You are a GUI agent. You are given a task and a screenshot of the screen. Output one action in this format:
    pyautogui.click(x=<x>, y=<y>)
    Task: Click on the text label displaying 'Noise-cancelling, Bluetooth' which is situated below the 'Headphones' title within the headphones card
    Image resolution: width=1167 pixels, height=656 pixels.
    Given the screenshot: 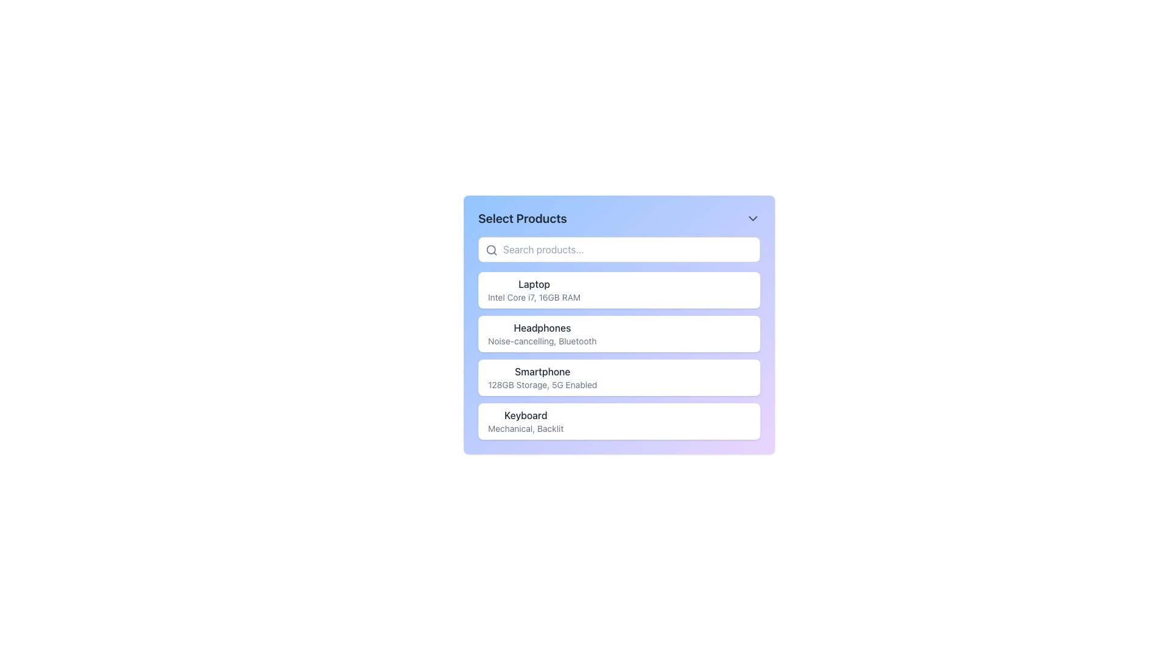 What is the action you would take?
    pyautogui.click(x=542, y=341)
    